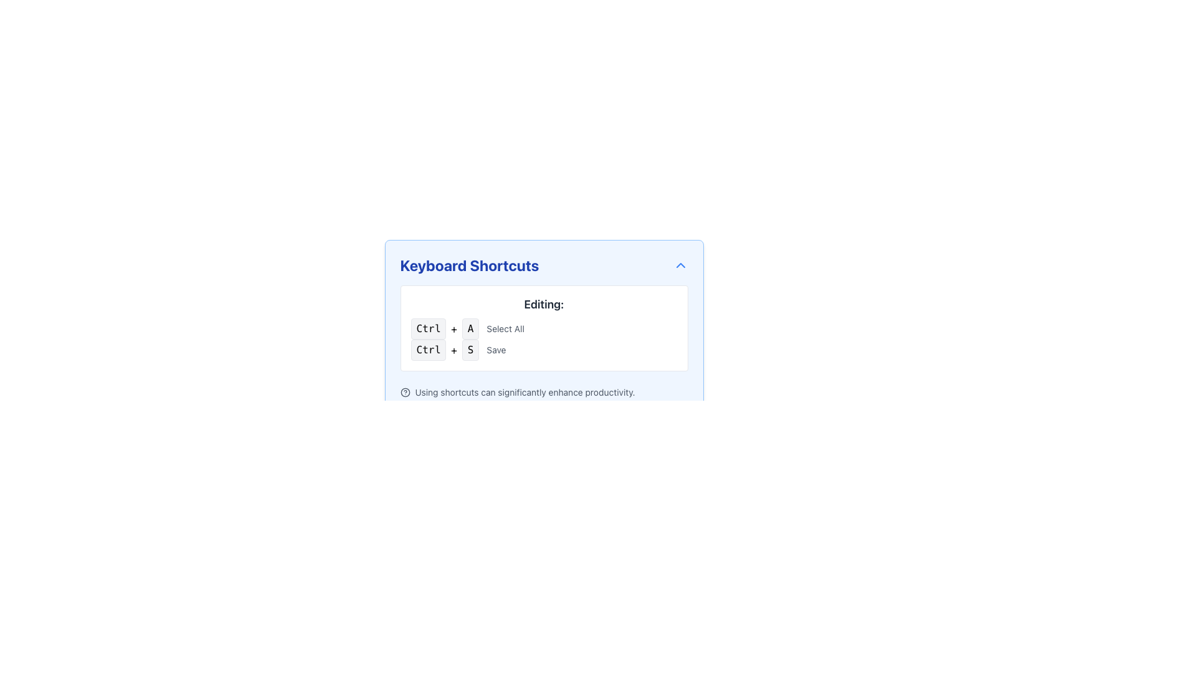 The width and height of the screenshot is (1196, 673). What do you see at coordinates (544, 341) in the screenshot?
I see `keyboard shortcuts instructions displayed in the 'Editing:' section of the Instructional guidance card` at bounding box center [544, 341].